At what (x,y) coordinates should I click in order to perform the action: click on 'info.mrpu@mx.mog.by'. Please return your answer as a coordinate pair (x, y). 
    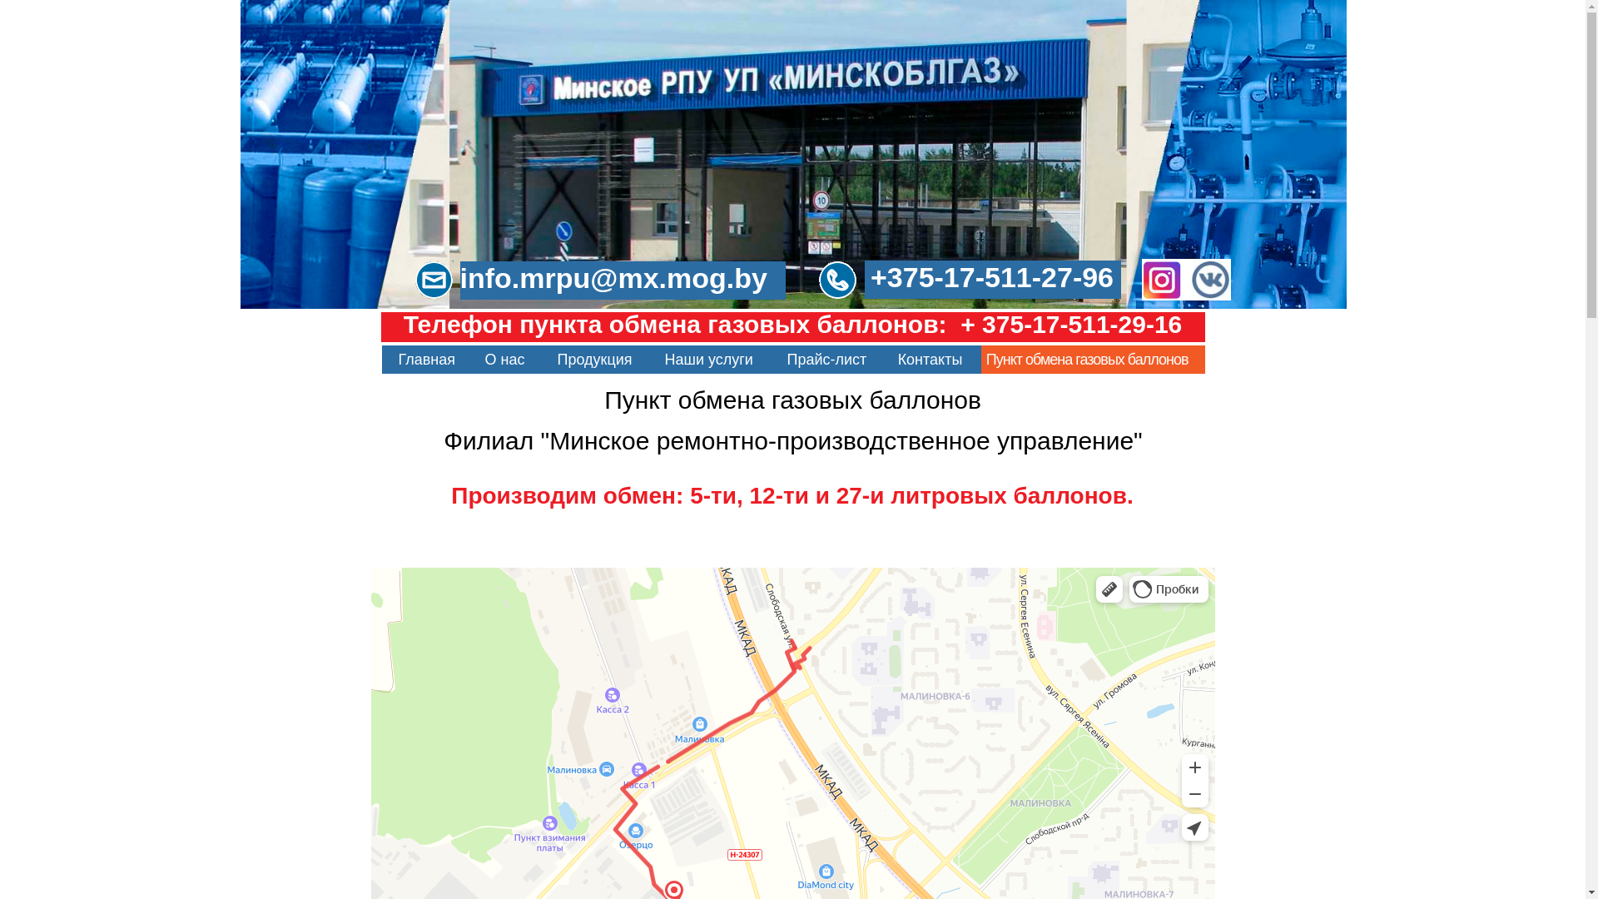
    Looking at the image, I should click on (621, 279).